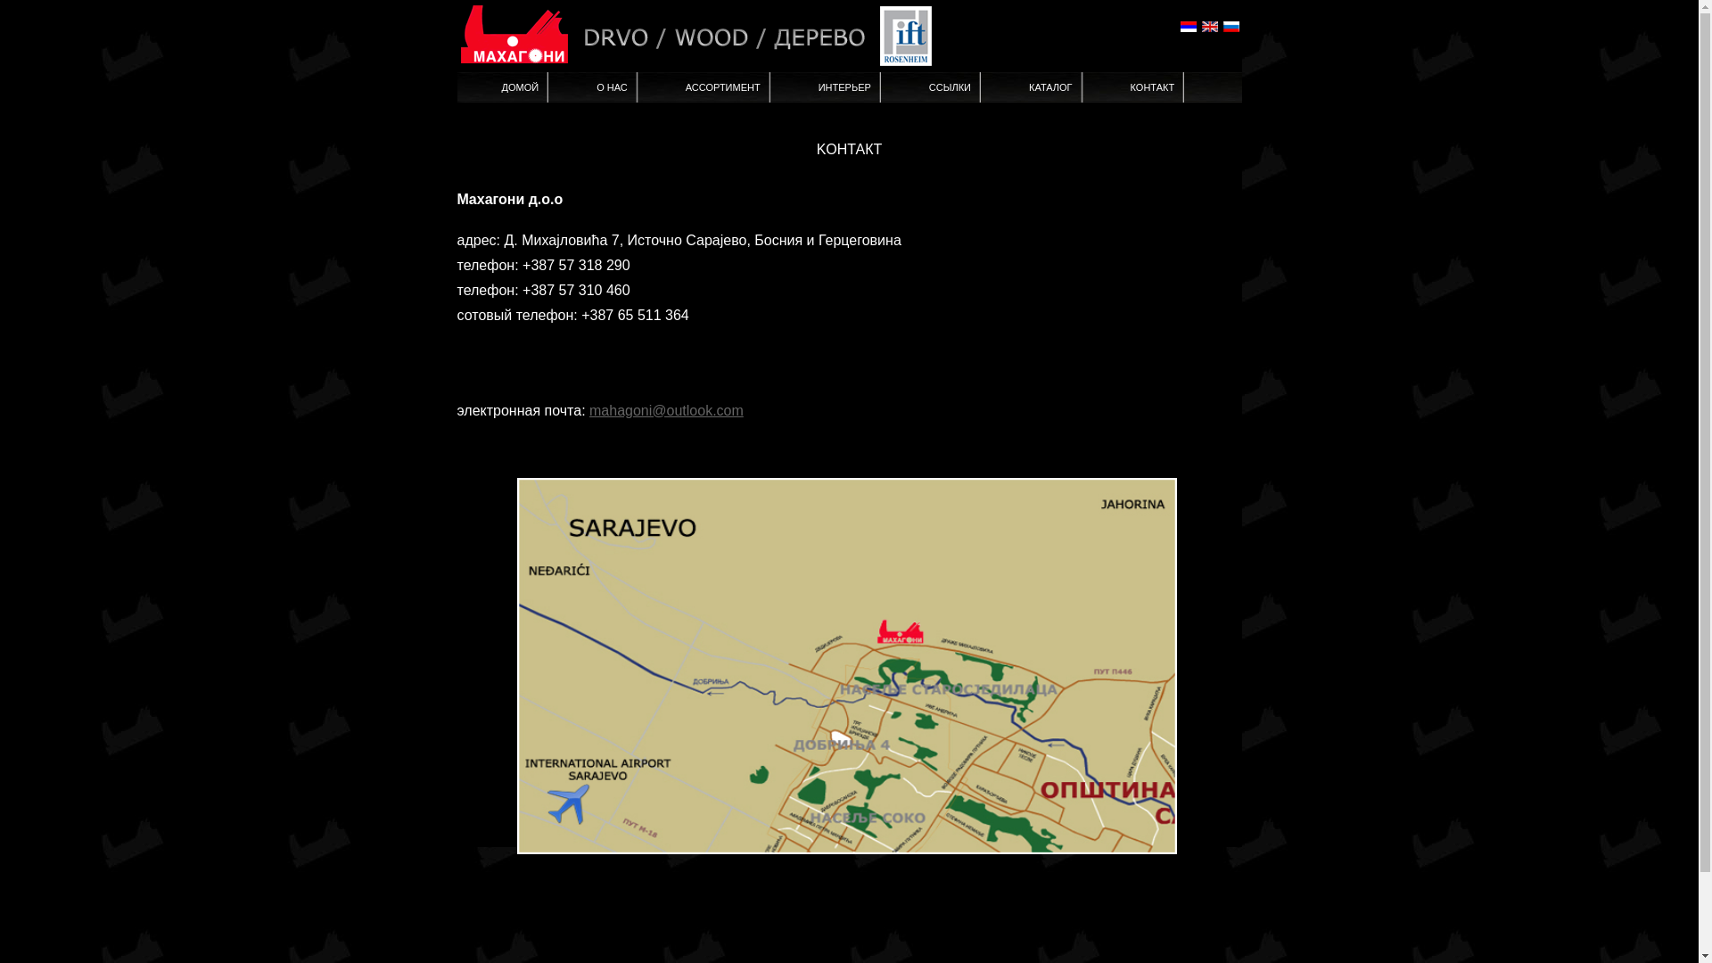  I want to click on 'mahagoni@outlook.com', so click(665, 410).